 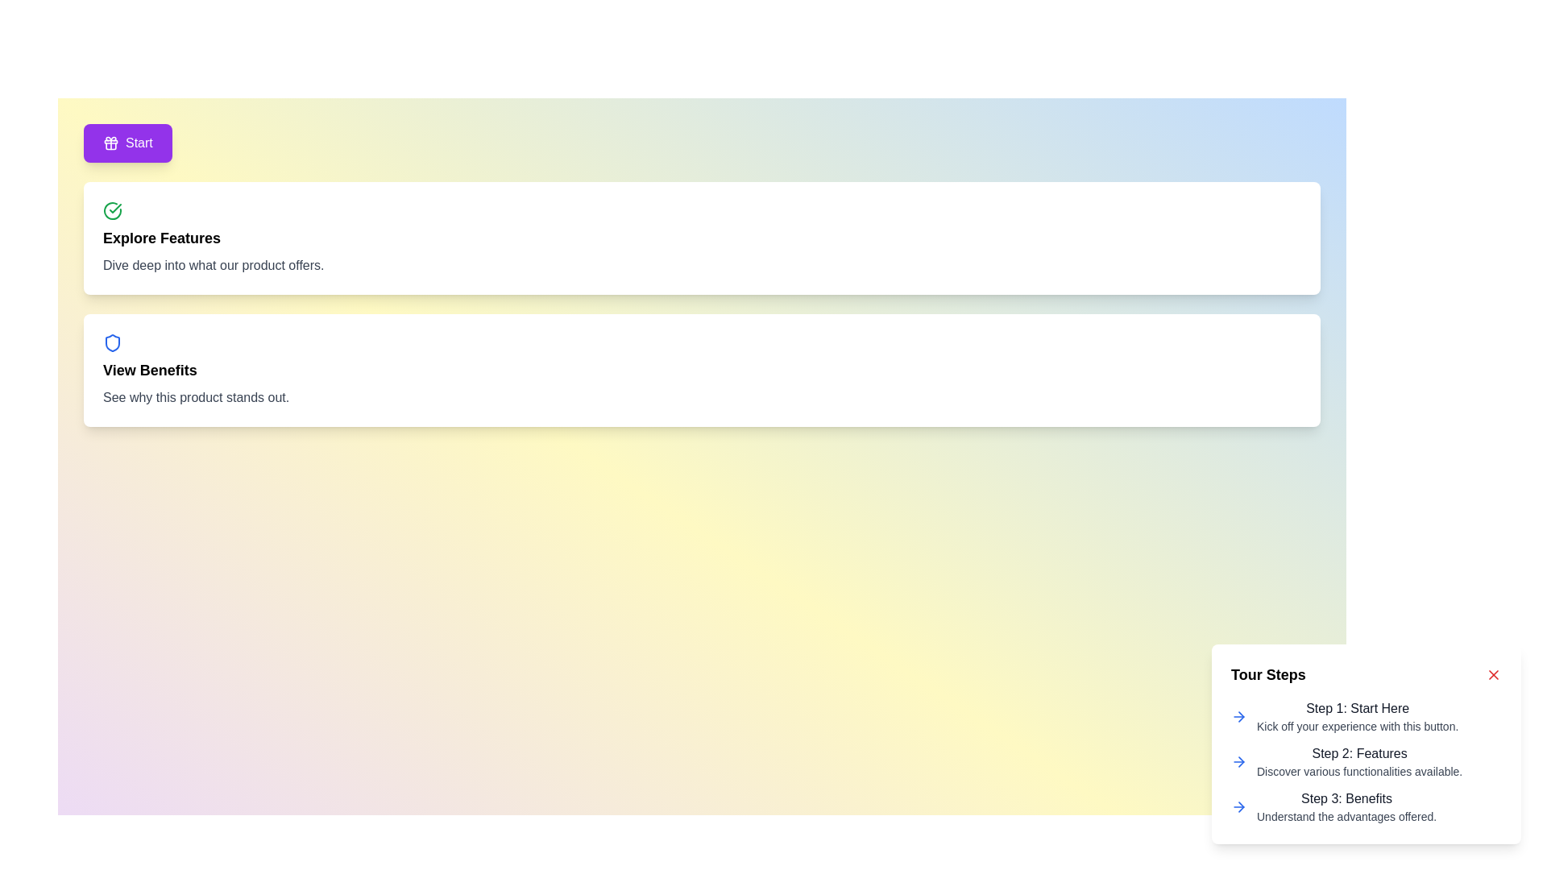 I want to click on text content of the Text Label that indicates the first step in the guided process, located in the 'Tour Steps' section at the bottom-right of the interface, so click(x=1357, y=707).